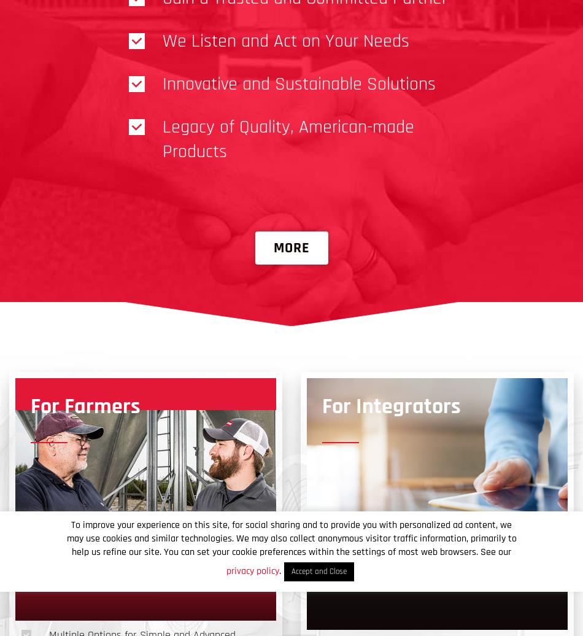 This screenshot has width=583, height=636. Describe the element at coordinates (279, 571) in the screenshot. I see `'.'` at that location.